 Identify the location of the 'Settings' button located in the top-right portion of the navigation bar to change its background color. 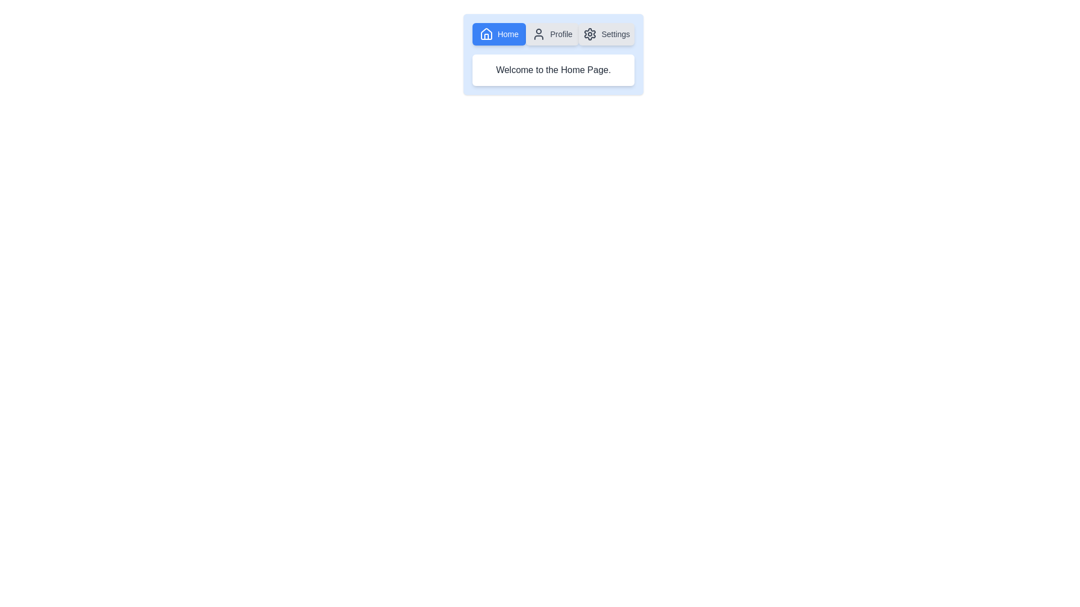
(606, 34).